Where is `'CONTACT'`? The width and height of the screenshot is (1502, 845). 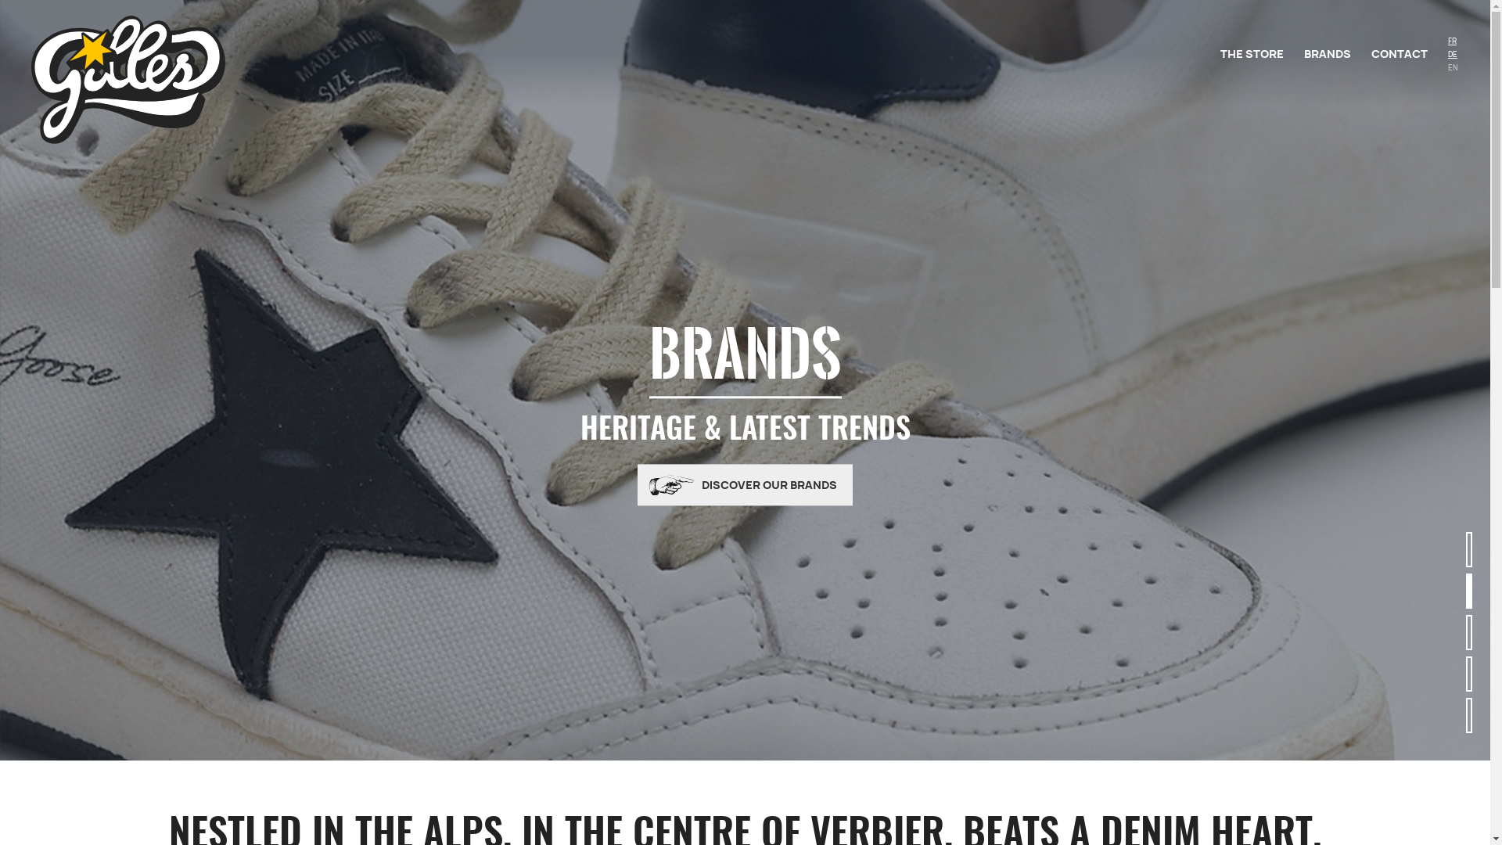
'CONTACT' is located at coordinates (1400, 53).